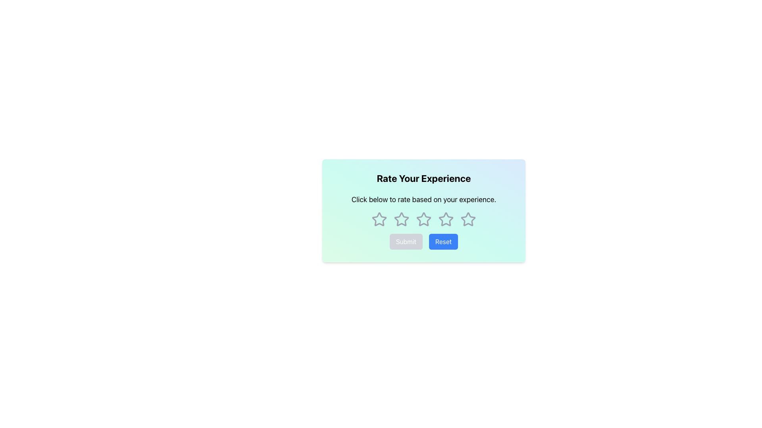 The width and height of the screenshot is (762, 428). Describe the element at coordinates (423, 220) in the screenshot. I see `the fourth star in the rating stars component located below the text 'Click below to rate based on your experience.' and above the 'Submit' and 'Reset' buttons` at that location.